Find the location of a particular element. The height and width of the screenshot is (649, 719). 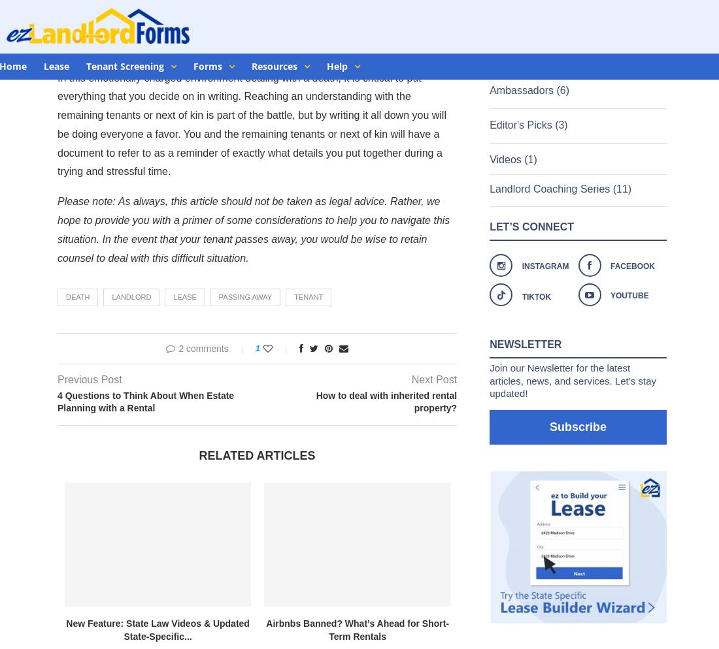

'Support' is located at coordinates (631, 345).